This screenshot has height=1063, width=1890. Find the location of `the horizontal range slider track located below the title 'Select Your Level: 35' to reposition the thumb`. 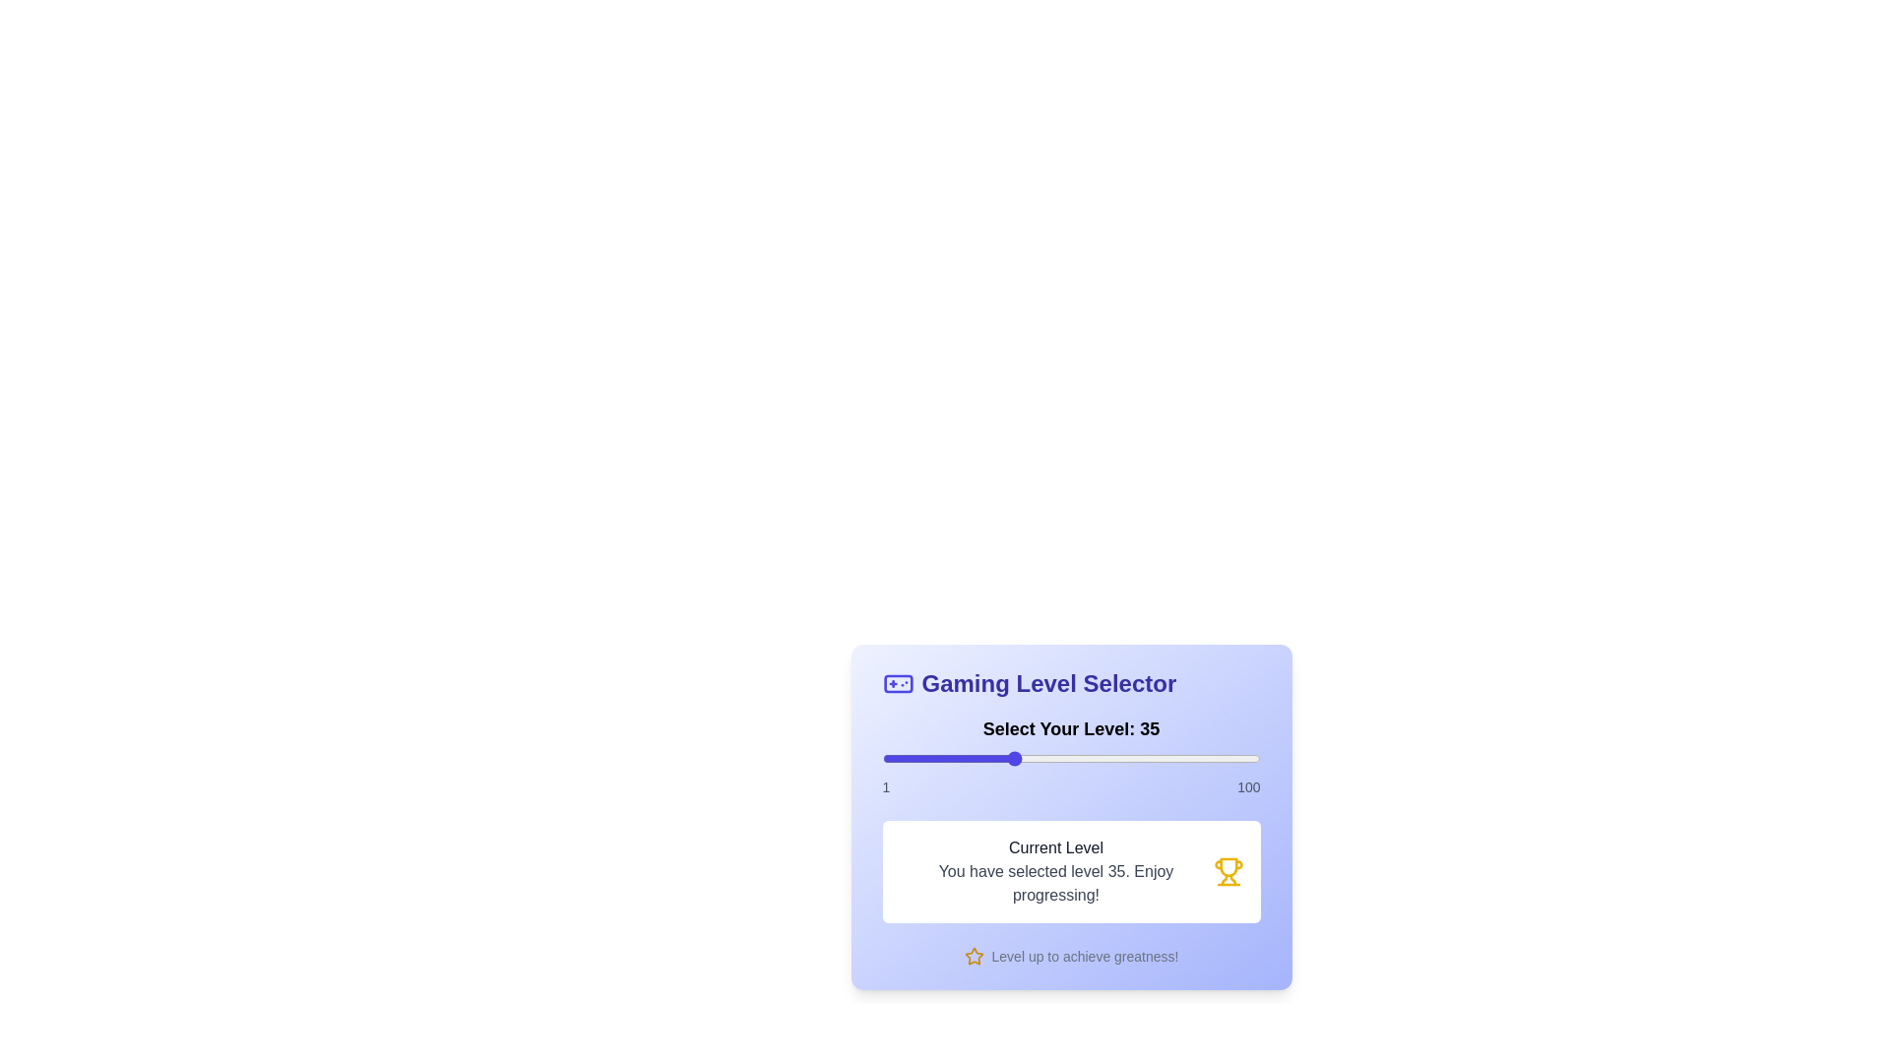

the horizontal range slider track located below the title 'Select Your Level: 35' to reposition the thumb is located at coordinates (1070, 758).